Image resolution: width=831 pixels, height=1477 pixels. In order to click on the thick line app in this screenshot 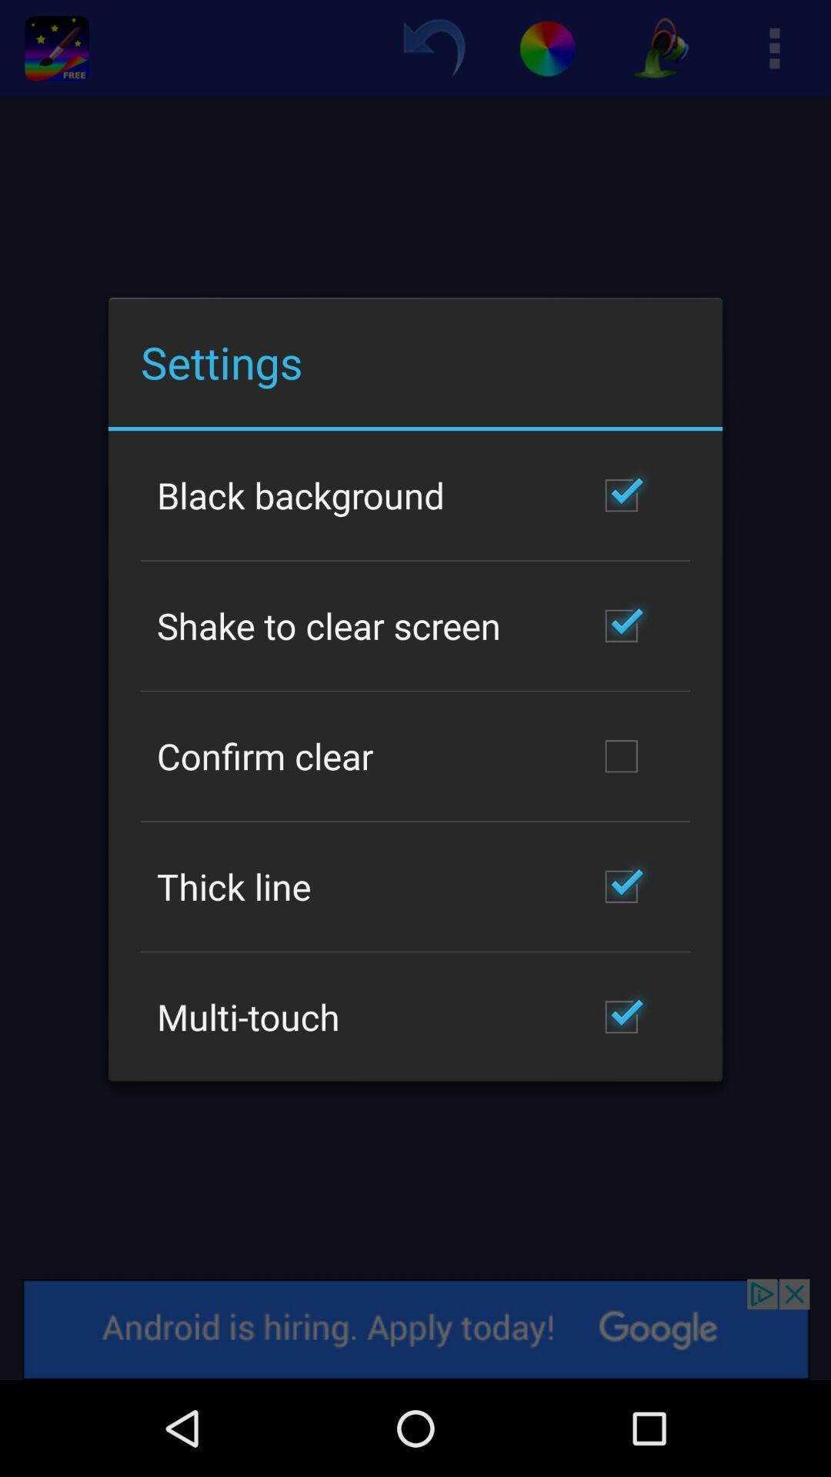, I will do `click(234, 886)`.